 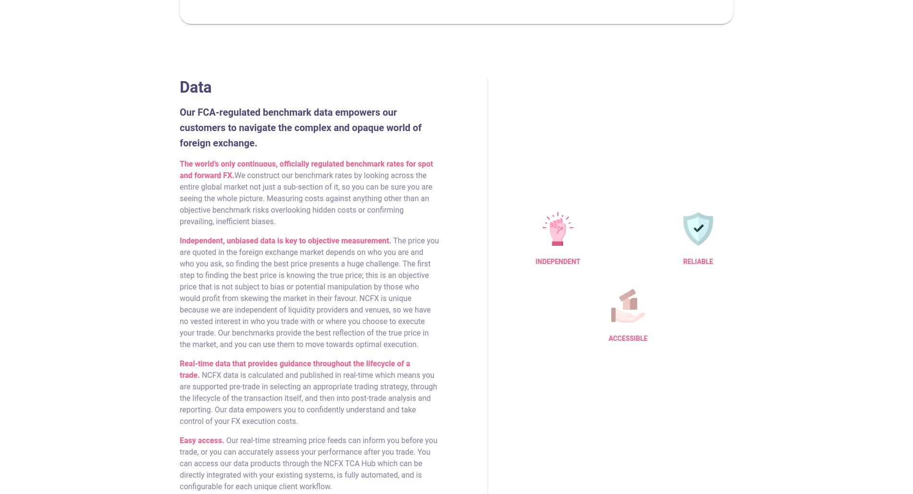 I want to click on 'accessible', so click(x=627, y=337).